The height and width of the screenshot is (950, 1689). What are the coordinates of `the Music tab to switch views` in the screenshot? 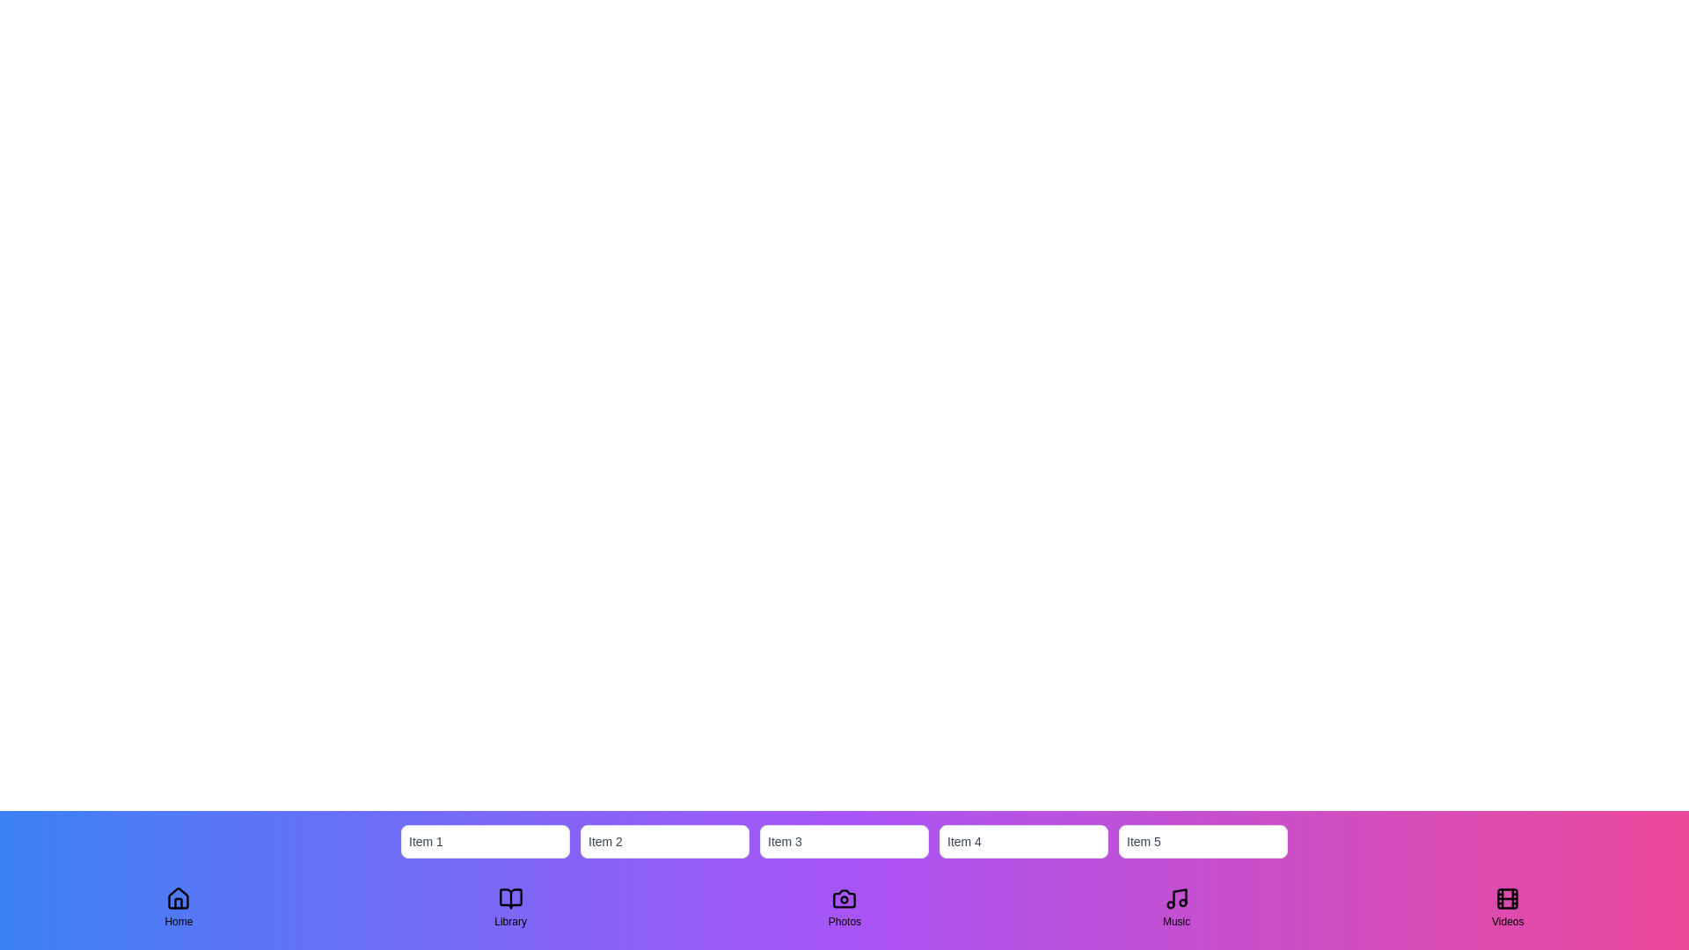 It's located at (1177, 908).